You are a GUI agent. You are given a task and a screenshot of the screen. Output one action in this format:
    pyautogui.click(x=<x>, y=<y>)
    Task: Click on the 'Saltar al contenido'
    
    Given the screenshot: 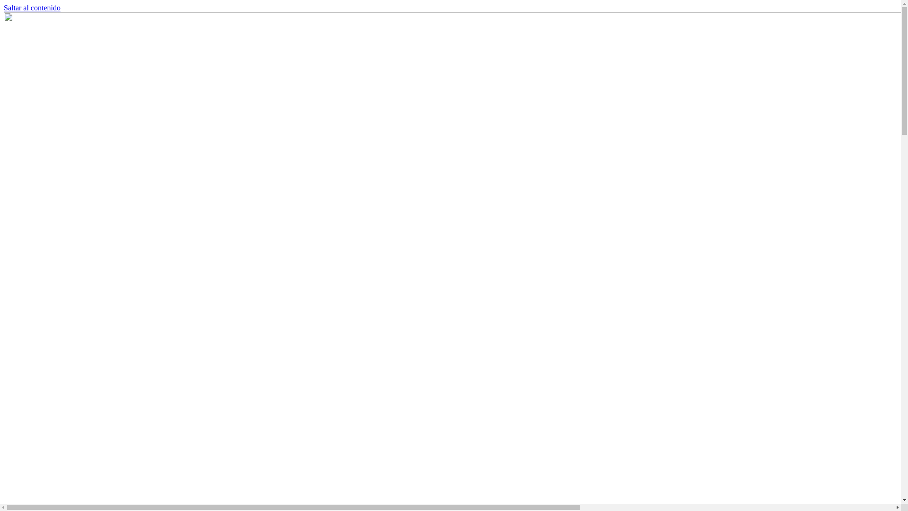 What is the action you would take?
    pyautogui.click(x=32, y=8)
    